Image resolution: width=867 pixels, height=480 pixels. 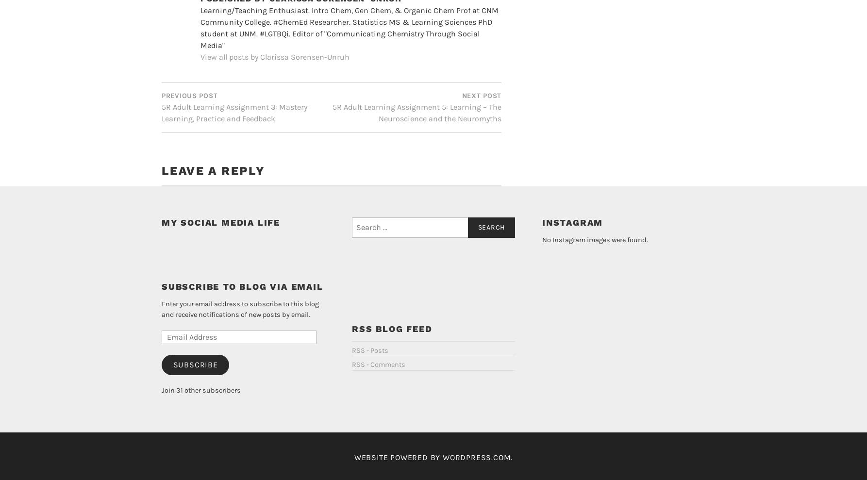 What do you see at coordinates (189, 79) in the screenshot?
I see `'Previous Post'` at bounding box center [189, 79].